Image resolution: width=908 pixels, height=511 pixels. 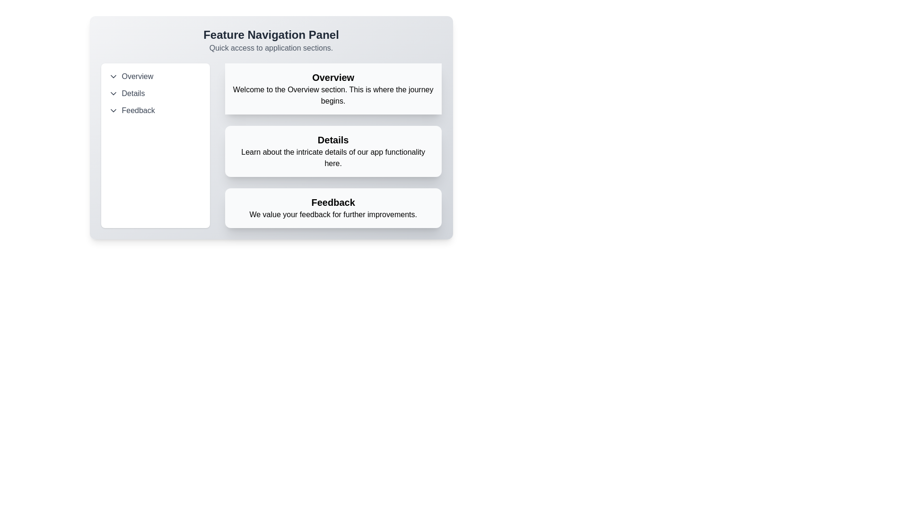 What do you see at coordinates (113, 110) in the screenshot?
I see `the Chevron indicator for the 'Feedback' section` at bounding box center [113, 110].